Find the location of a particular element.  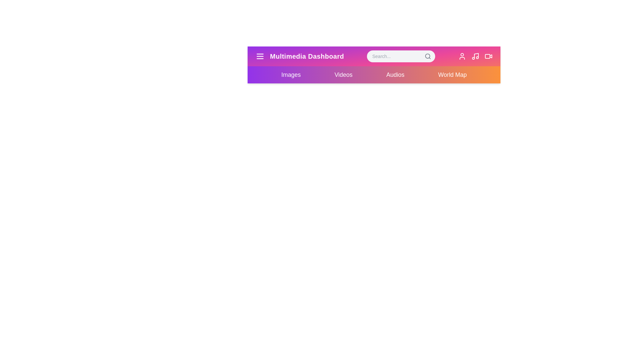

the music icon to play music is located at coordinates (475, 56).